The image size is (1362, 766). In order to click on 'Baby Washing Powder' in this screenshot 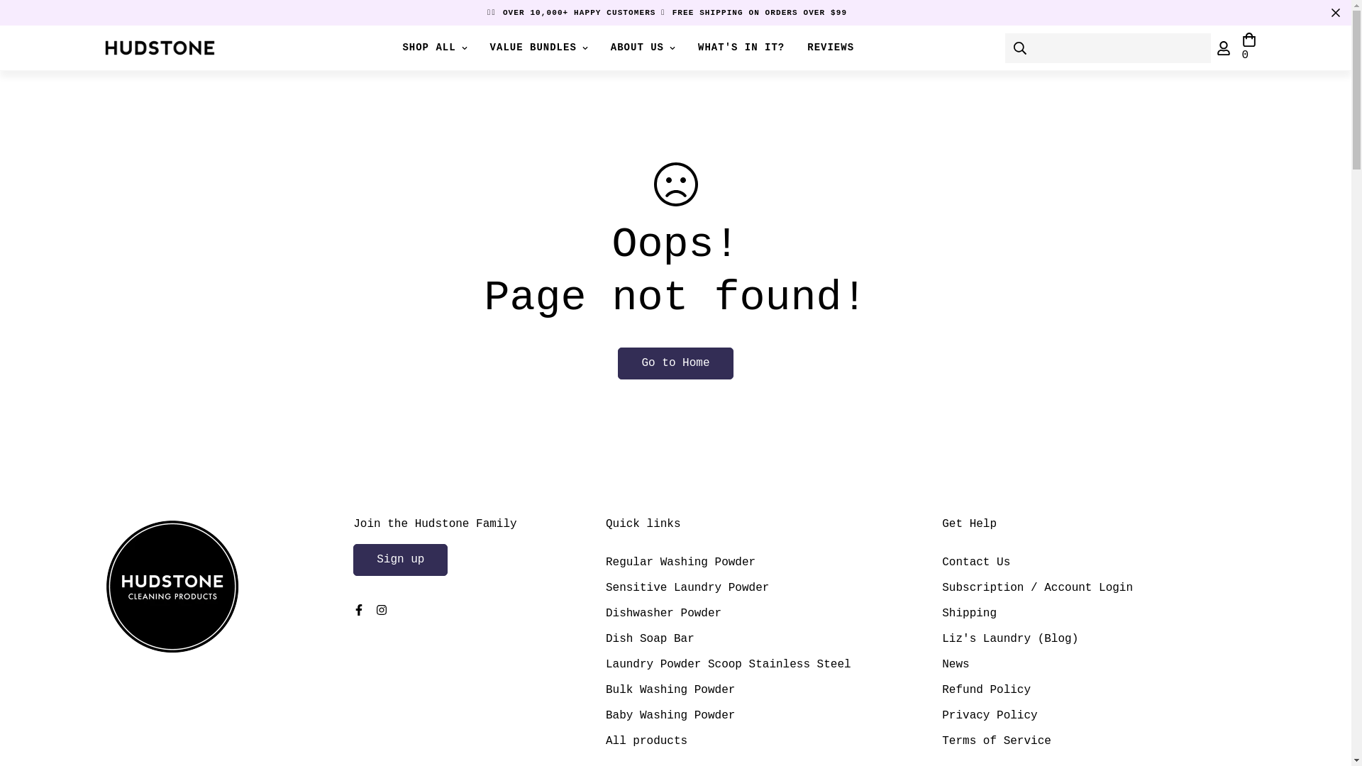, I will do `click(670, 716)`.